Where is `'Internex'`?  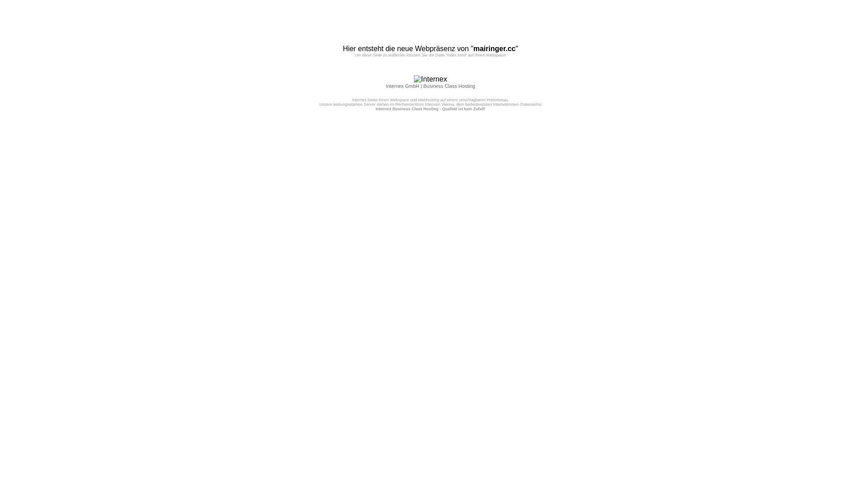
'Internex' is located at coordinates (430, 79).